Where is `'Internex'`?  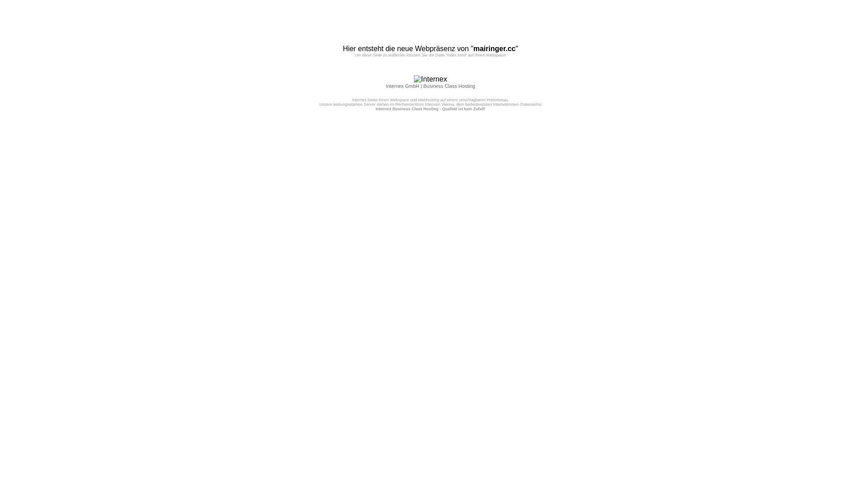
'Internex' is located at coordinates (430, 79).